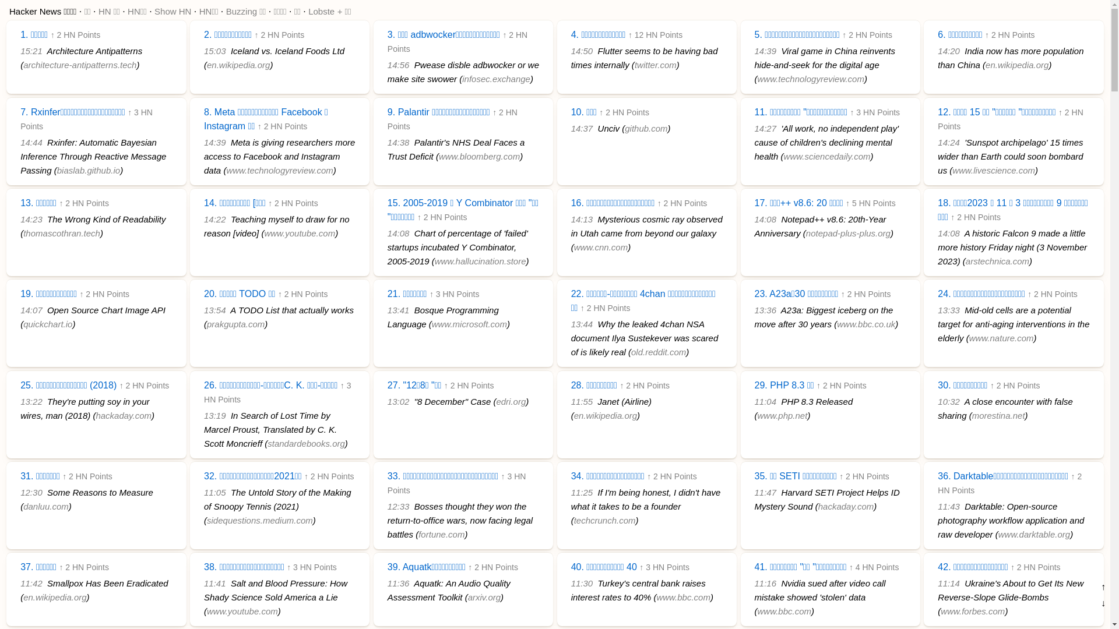 Image resolution: width=1119 pixels, height=629 pixels. I want to click on '10:32', so click(948, 401).